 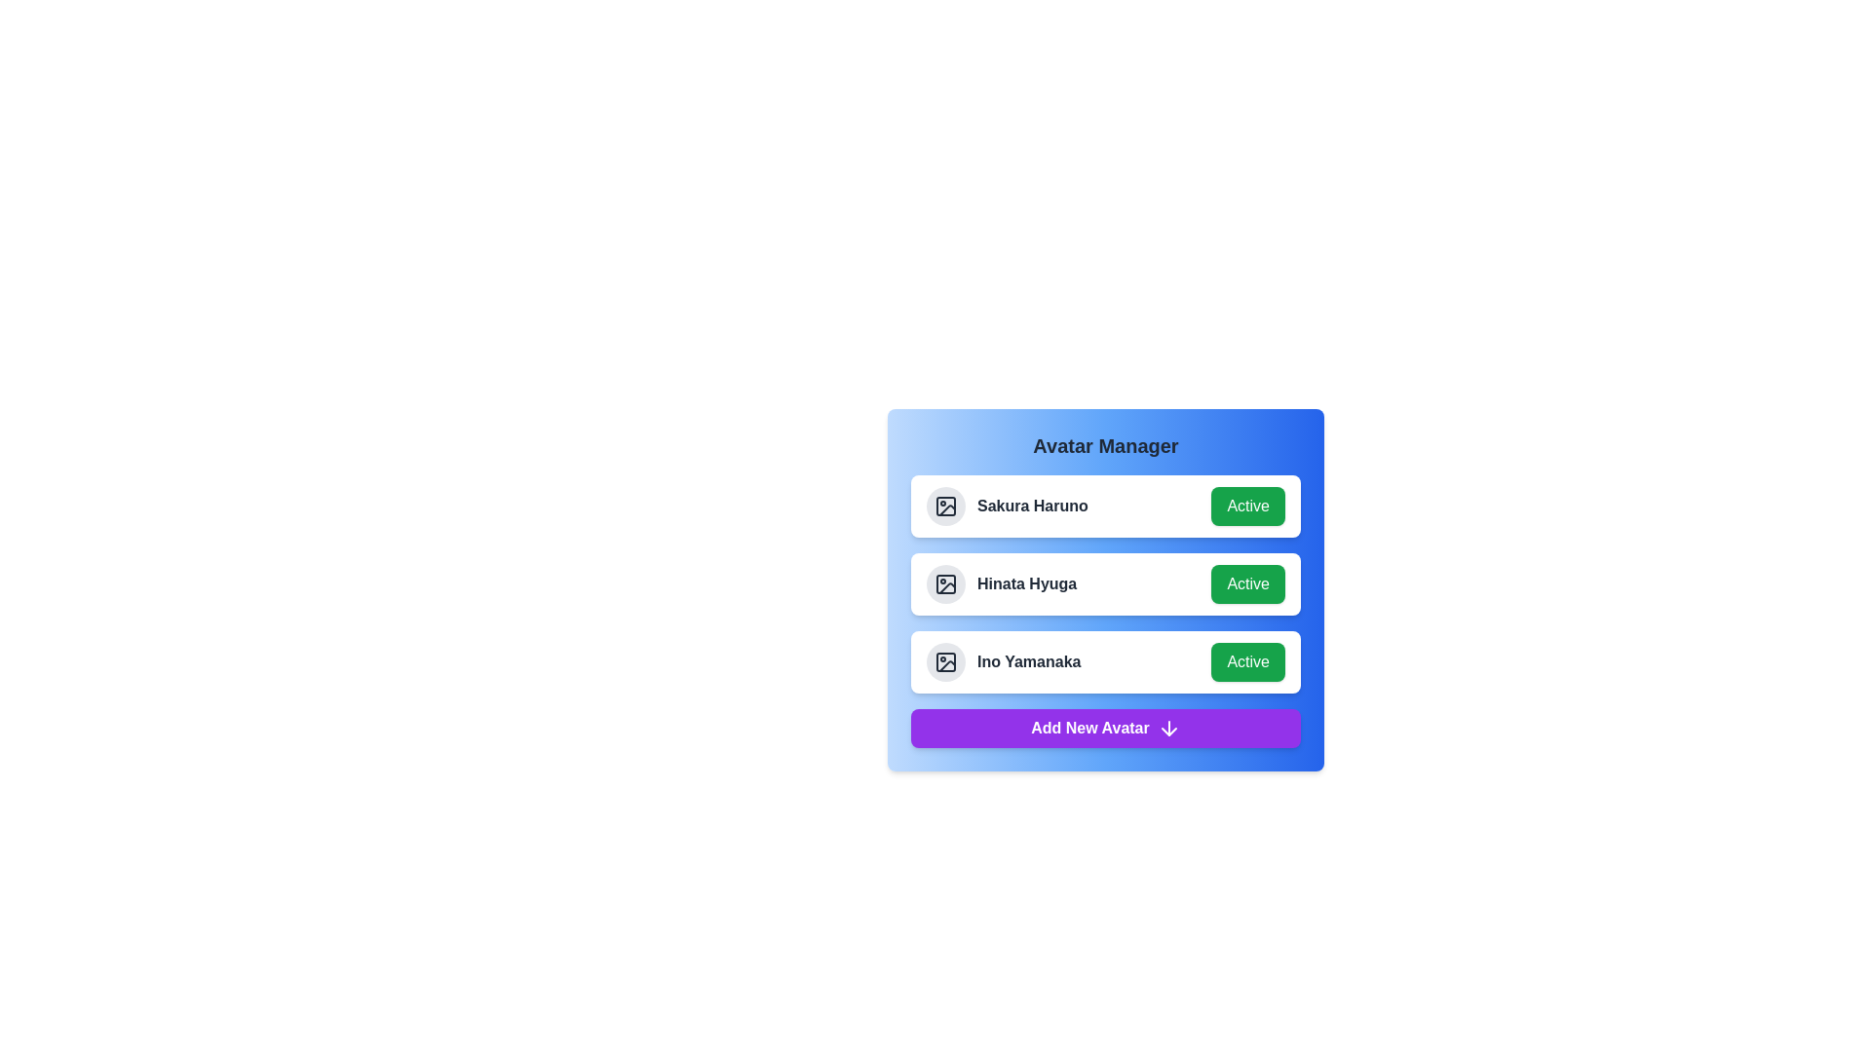 I want to click on the icon associated with the 'Ino Yamanaka' entry, which is located in the avatar management component, specifically in the third row from the top and on the leftmost side near the user name label, so click(x=945, y=660).